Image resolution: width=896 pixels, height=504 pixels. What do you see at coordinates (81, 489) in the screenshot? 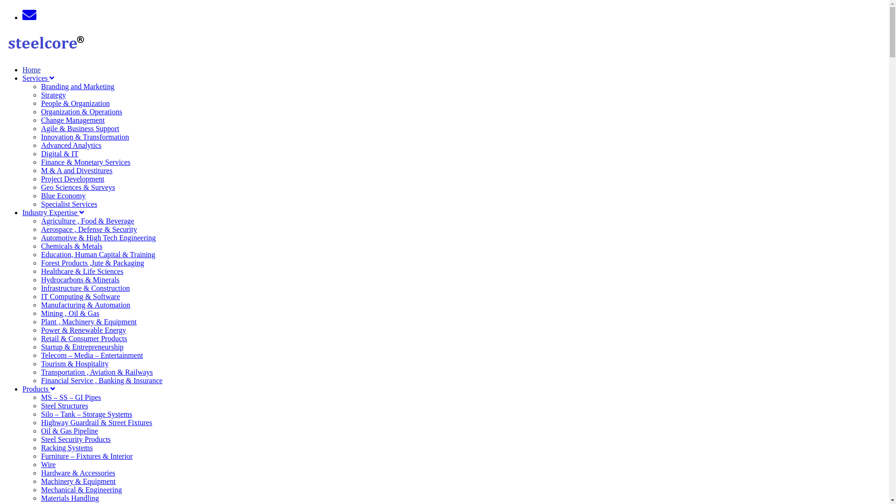
I see `'Mechanical & Engineering'` at bounding box center [81, 489].